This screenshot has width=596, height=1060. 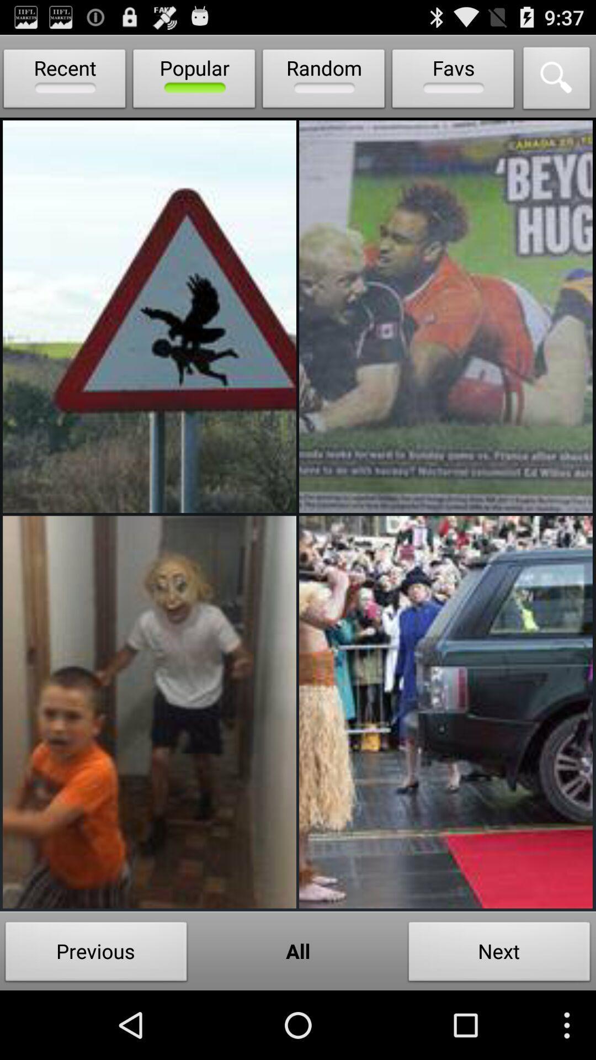 I want to click on popular icon, so click(x=194, y=81).